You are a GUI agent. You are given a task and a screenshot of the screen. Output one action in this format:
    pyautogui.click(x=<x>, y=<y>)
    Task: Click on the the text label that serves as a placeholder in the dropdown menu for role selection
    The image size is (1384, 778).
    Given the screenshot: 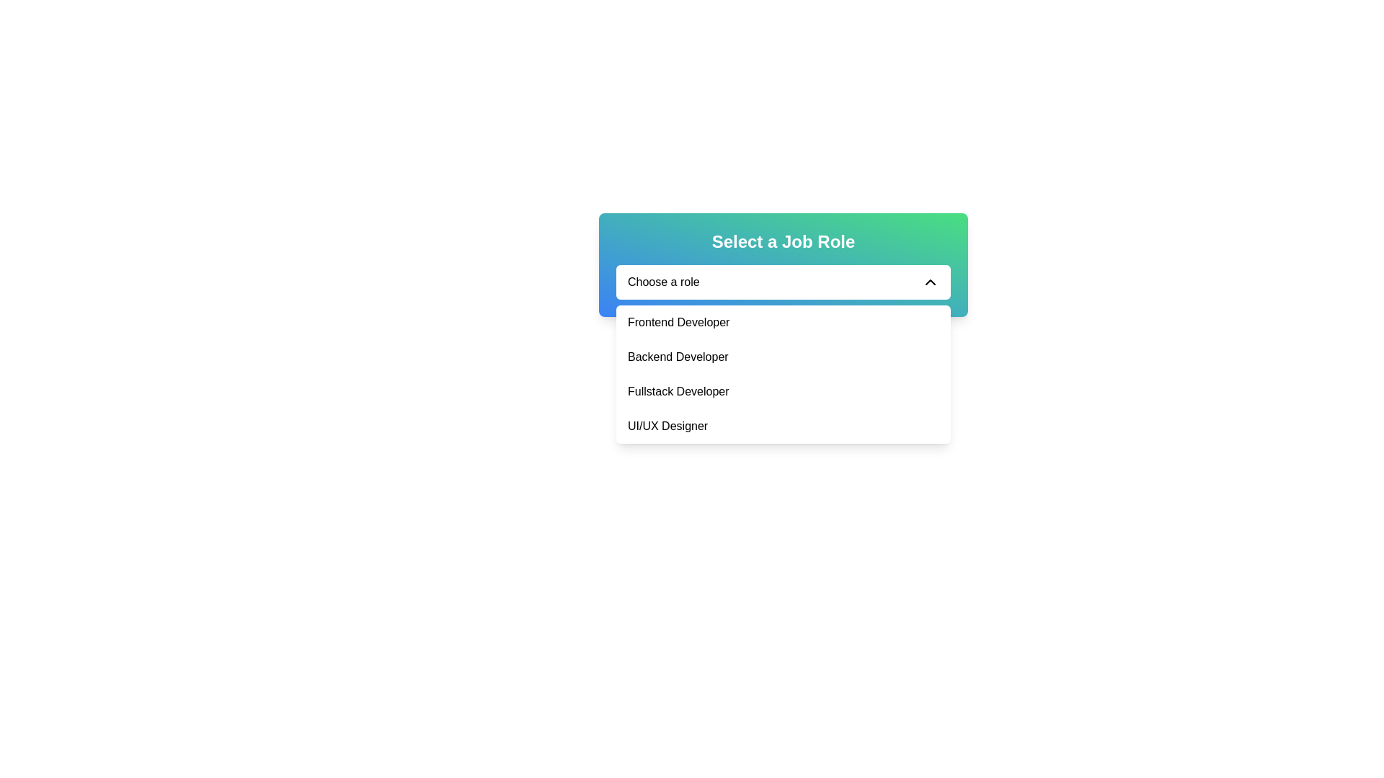 What is the action you would take?
    pyautogui.click(x=662, y=282)
    